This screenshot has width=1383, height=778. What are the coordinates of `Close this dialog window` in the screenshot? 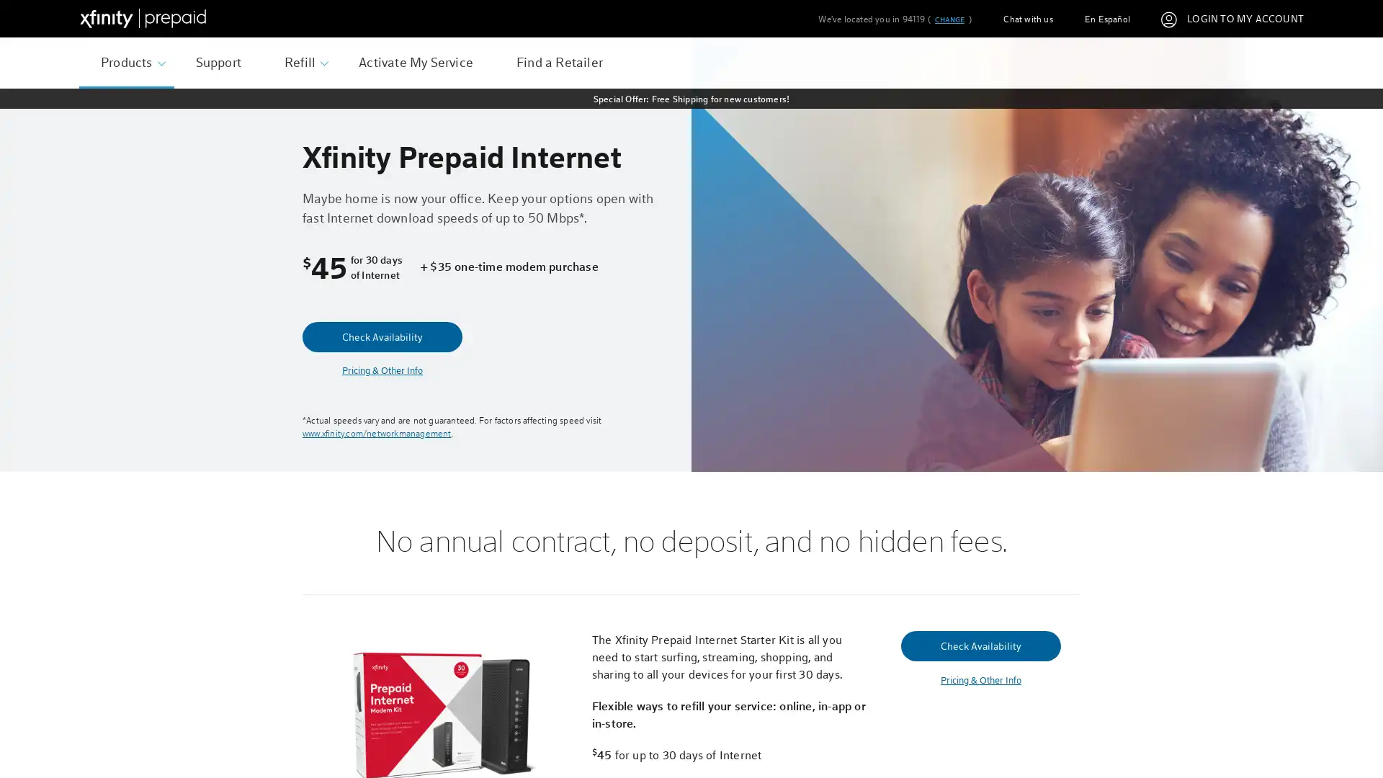 It's located at (964, 334).